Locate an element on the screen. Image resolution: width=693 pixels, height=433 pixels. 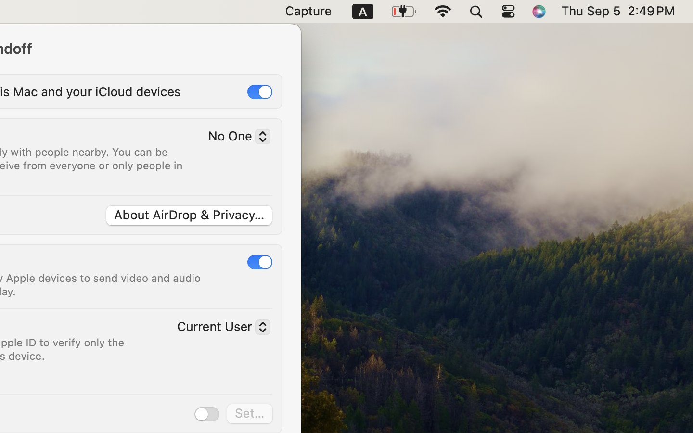
'Current User' is located at coordinates (220, 328).